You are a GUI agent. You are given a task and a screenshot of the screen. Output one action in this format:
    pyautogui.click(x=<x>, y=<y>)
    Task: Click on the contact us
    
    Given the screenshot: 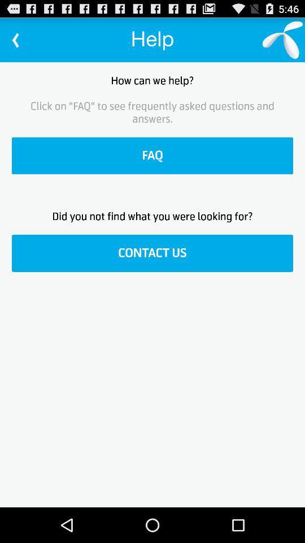 What is the action you would take?
    pyautogui.click(x=152, y=253)
    